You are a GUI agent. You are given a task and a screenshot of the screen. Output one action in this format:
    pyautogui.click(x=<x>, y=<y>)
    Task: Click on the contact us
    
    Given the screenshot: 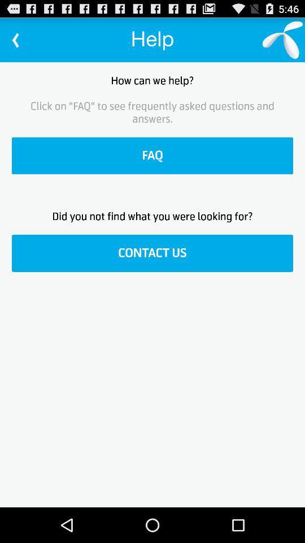 What is the action you would take?
    pyautogui.click(x=152, y=253)
    